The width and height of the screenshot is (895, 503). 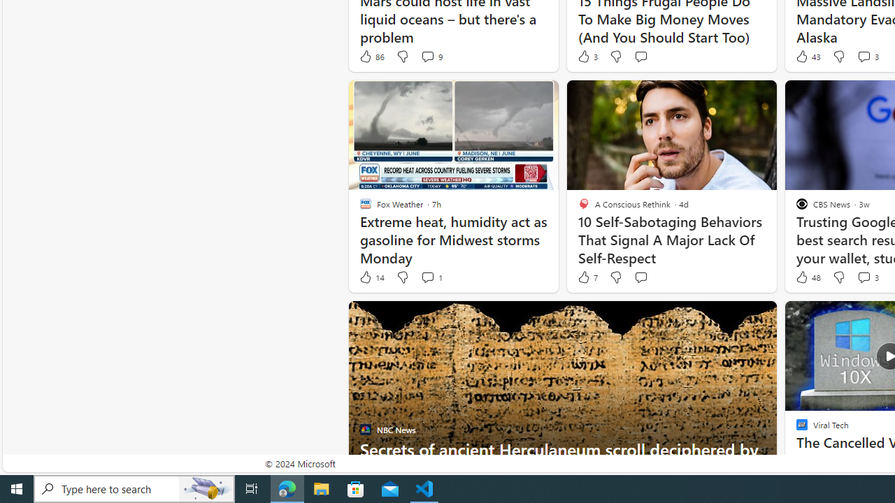 I want to click on 'View comments 1 Comment', so click(x=430, y=277).